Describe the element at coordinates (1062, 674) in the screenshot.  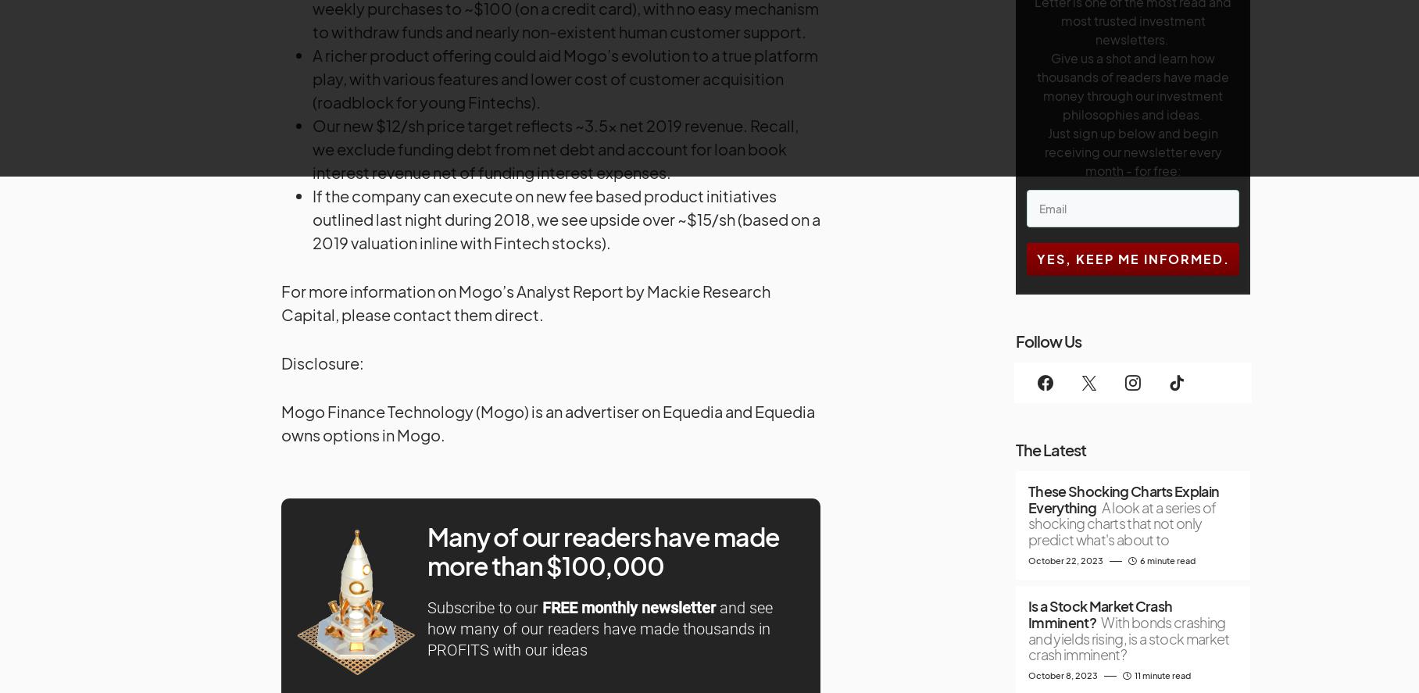
I see `'October 8, 2023'` at that location.